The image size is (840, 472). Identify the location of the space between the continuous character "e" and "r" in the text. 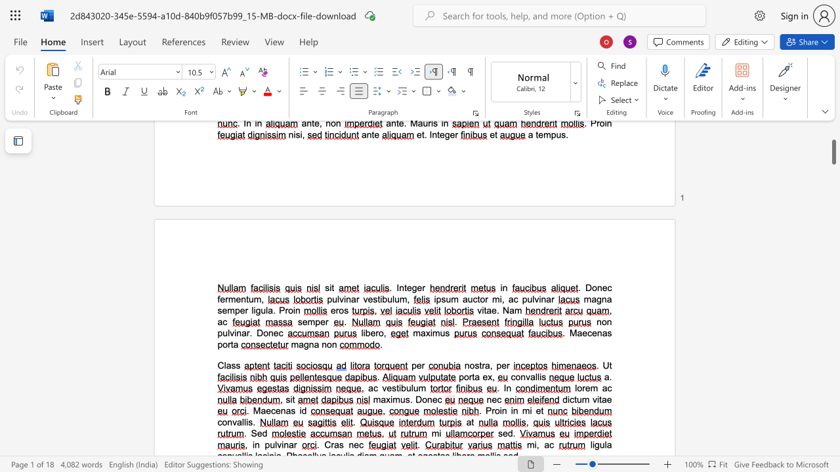
(421, 287).